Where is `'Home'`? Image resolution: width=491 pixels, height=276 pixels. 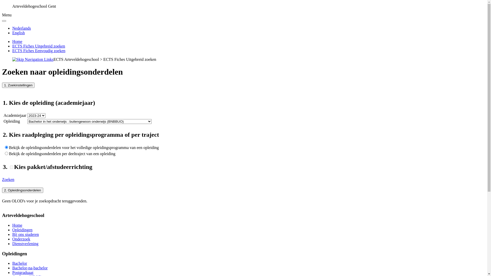 'Home' is located at coordinates (17, 225).